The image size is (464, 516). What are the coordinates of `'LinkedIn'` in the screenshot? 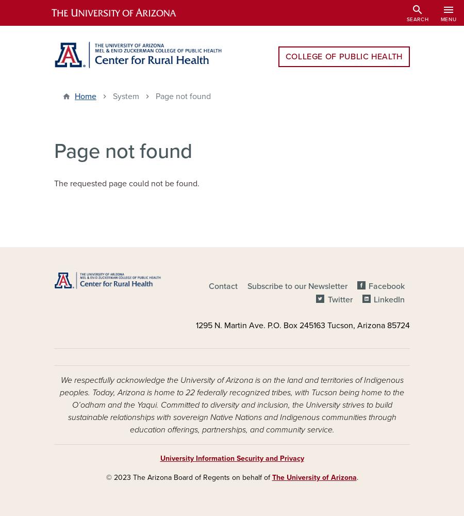 It's located at (389, 299).